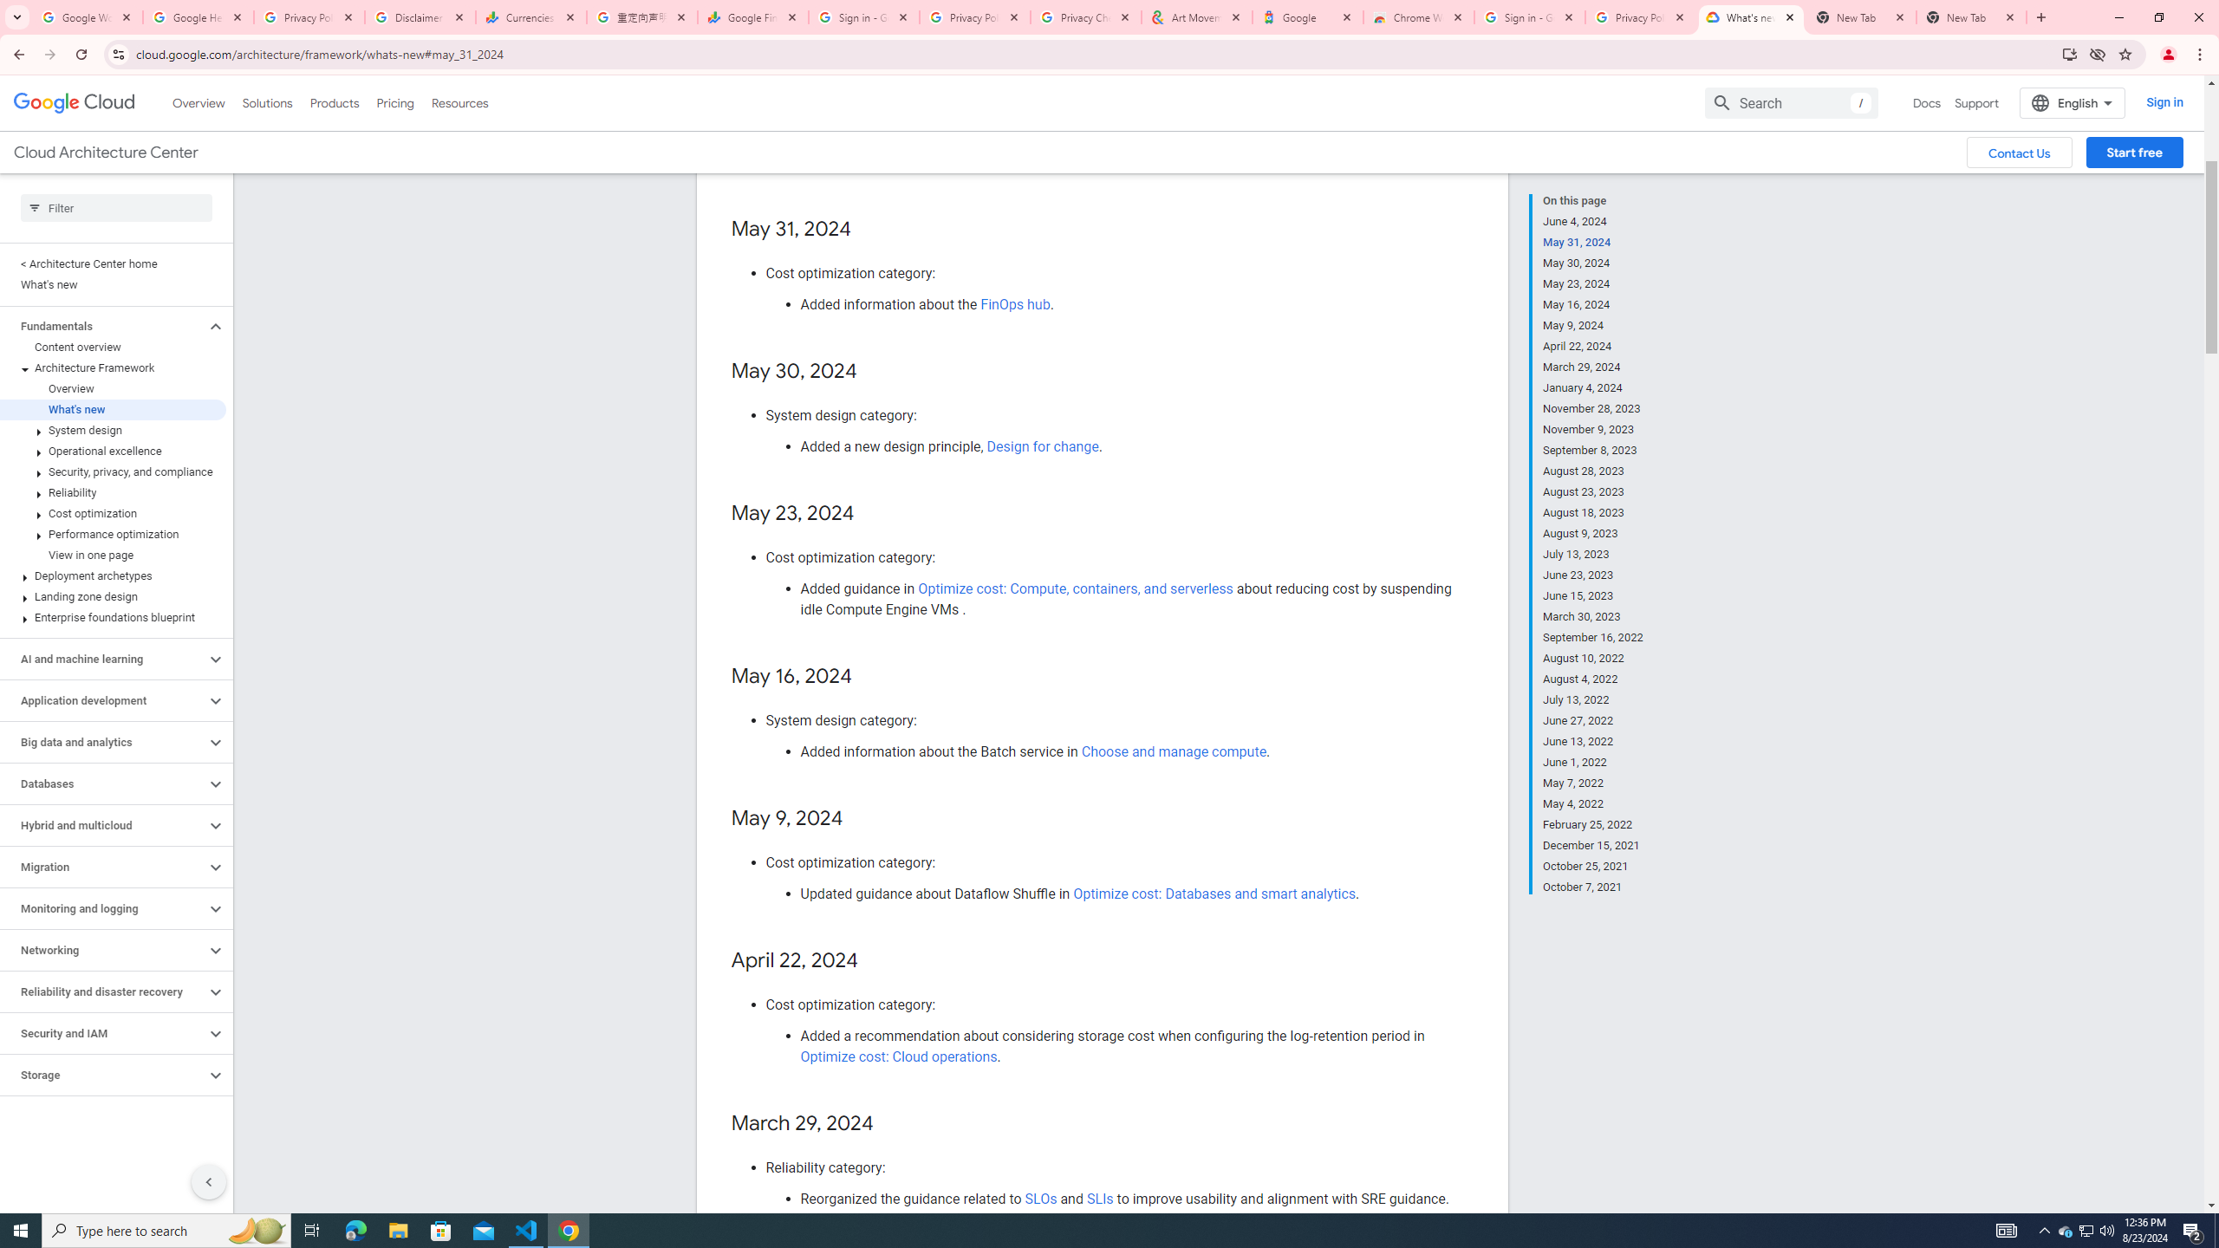  What do you see at coordinates (1593, 617) in the screenshot?
I see `'March 30, 2023'` at bounding box center [1593, 617].